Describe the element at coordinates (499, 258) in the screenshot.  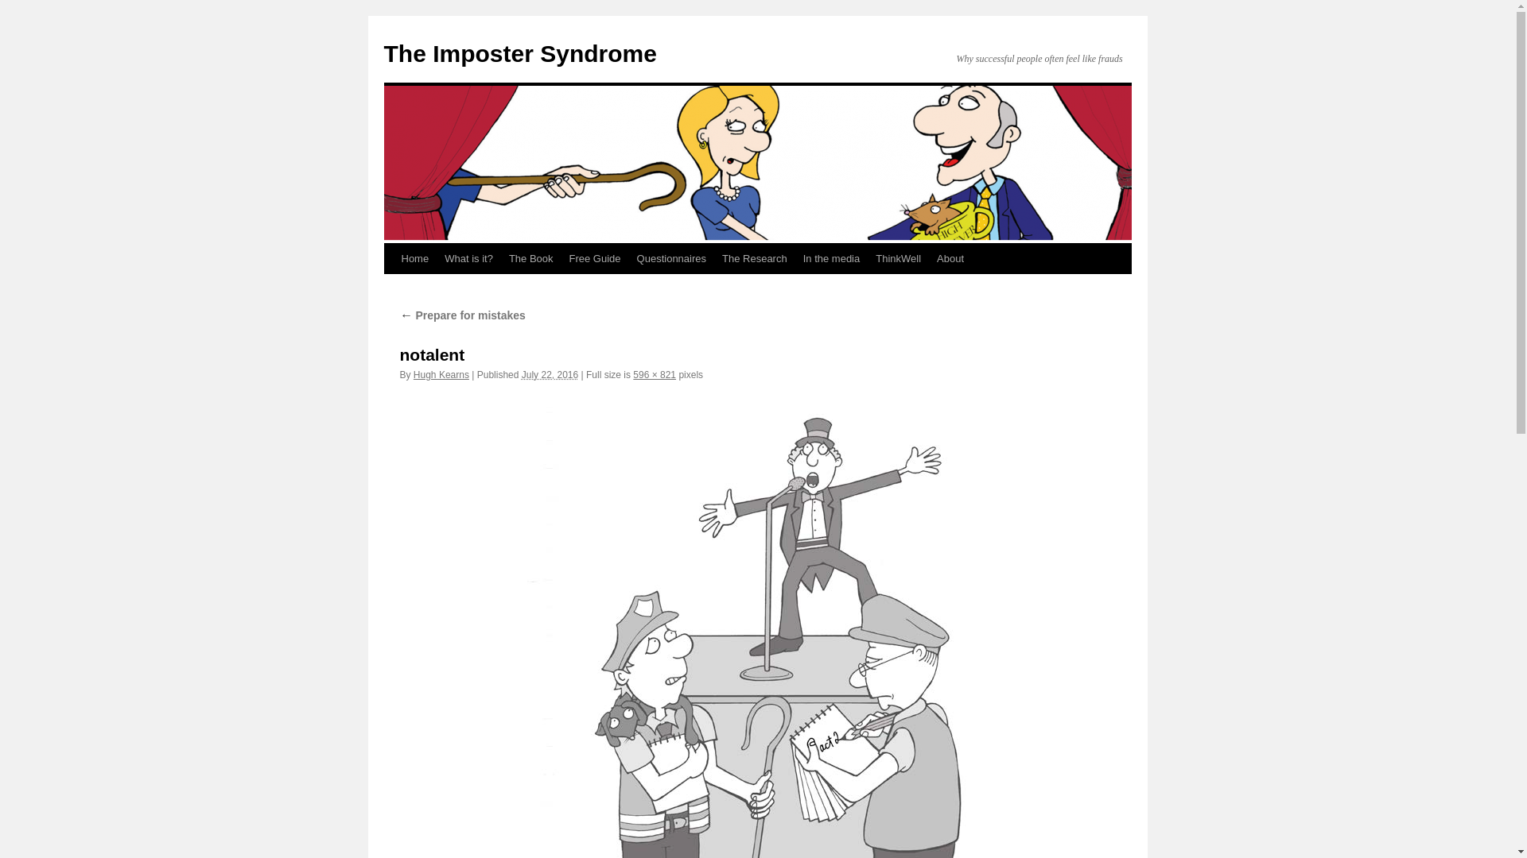
I see `'The Book'` at that location.